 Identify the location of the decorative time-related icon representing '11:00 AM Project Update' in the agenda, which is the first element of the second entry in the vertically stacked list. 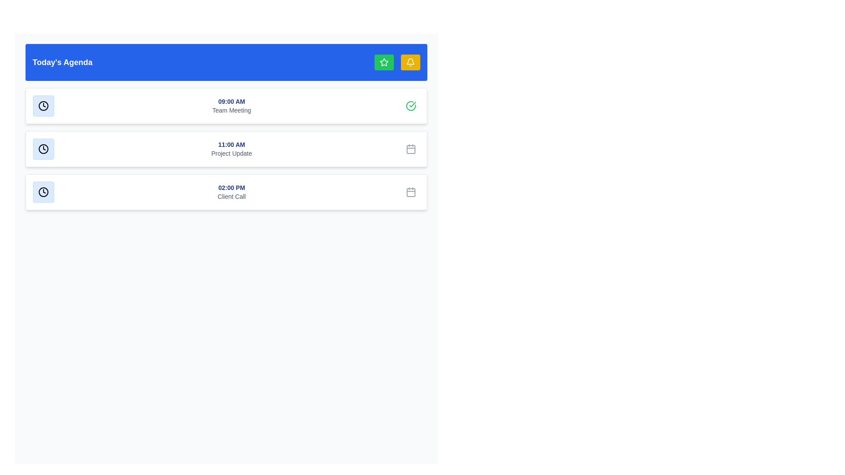
(43, 149).